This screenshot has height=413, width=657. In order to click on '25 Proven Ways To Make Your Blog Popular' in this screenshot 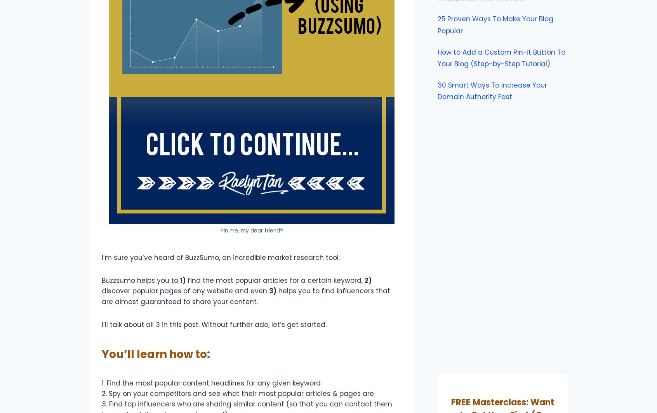, I will do `click(438, 24)`.